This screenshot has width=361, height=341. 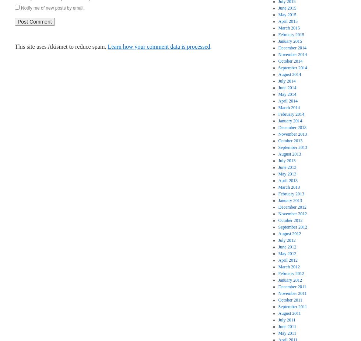 What do you see at coordinates (287, 80) in the screenshot?
I see `'July 2014'` at bounding box center [287, 80].